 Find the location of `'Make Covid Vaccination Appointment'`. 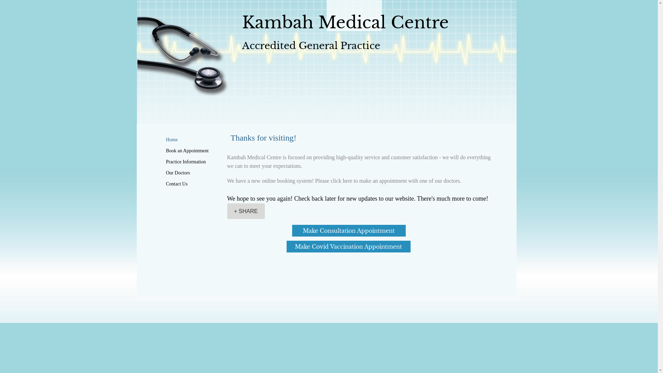

'Make Covid Vaccination Appointment' is located at coordinates (348, 246).